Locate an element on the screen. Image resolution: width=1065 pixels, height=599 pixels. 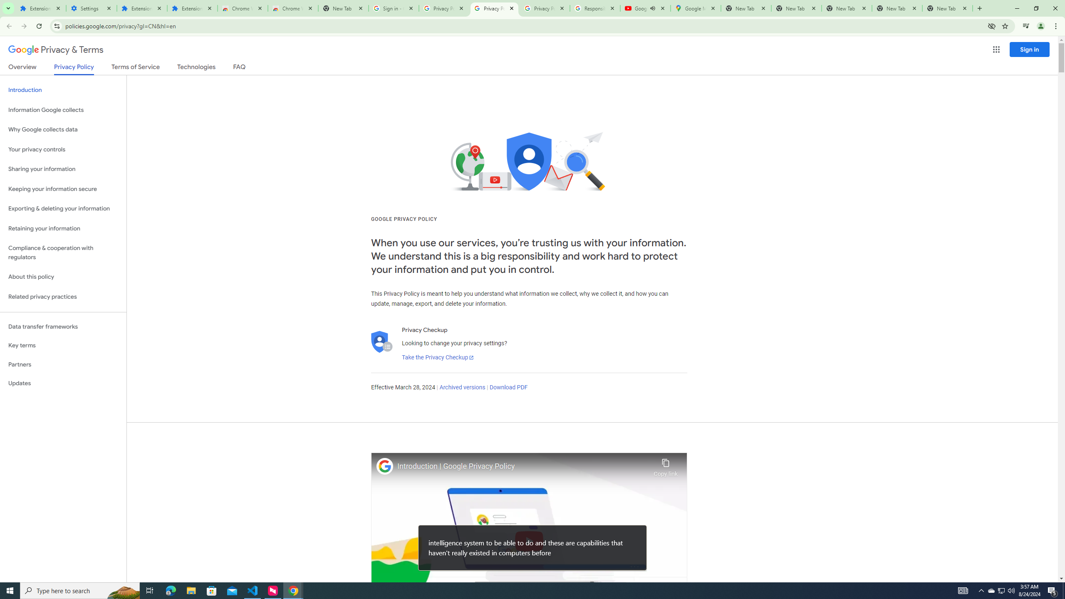
'Information Google collects' is located at coordinates (63, 110).